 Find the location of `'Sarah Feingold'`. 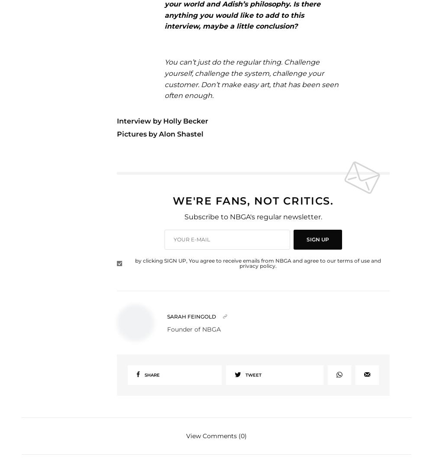

'Sarah Feingold' is located at coordinates (191, 316).